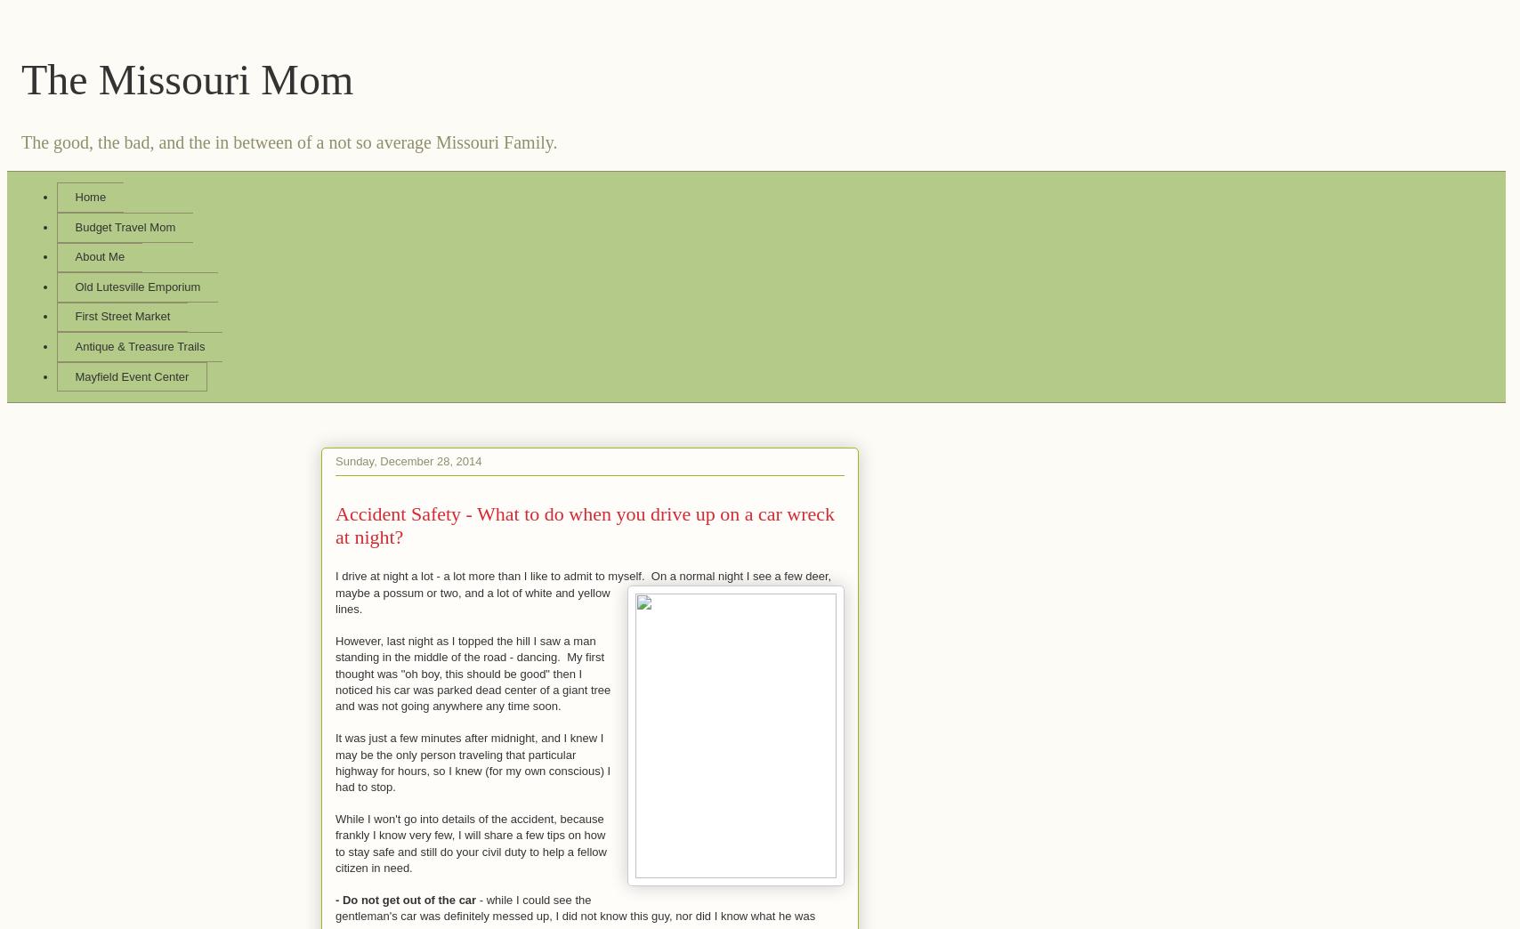  Describe the element at coordinates (137, 285) in the screenshot. I see `'Old Lutesville Emporium'` at that location.